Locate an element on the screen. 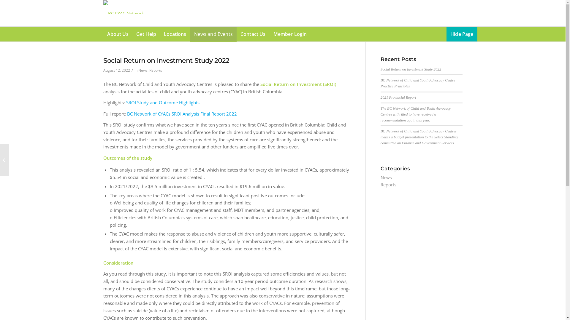  'SROI Study and Outcome Highlights' is located at coordinates (162, 102).